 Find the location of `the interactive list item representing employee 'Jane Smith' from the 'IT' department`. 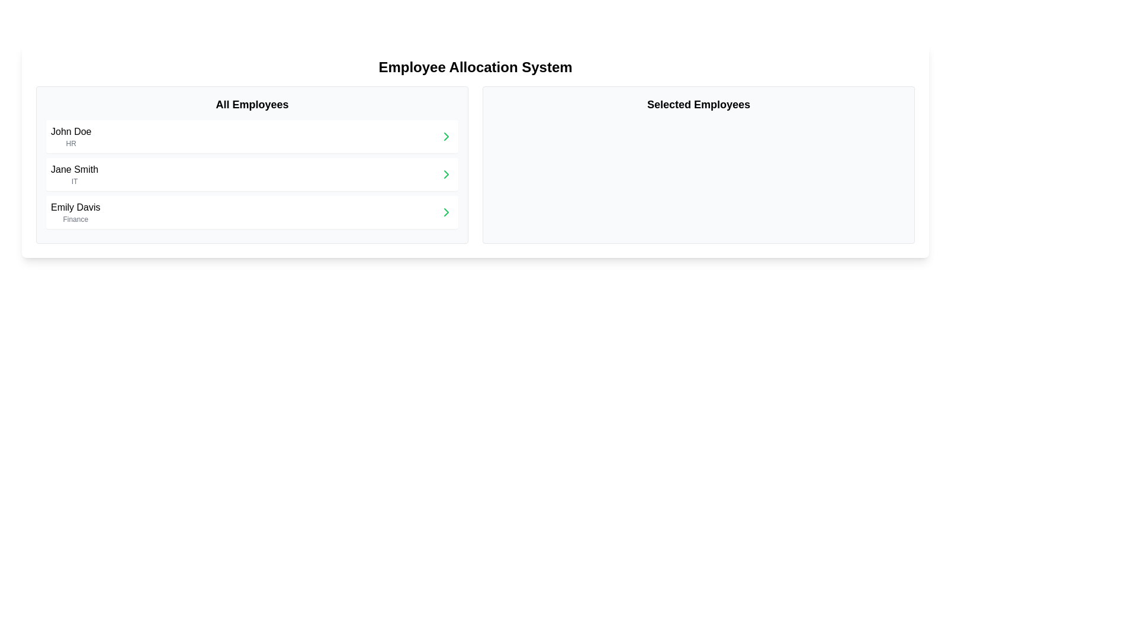

the interactive list item representing employee 'Jane Smith' from the 'IT' department is located at coordinates (252, 174).